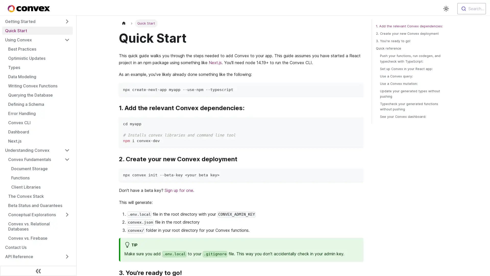  I want to click on Copy code to clipboard, so click(357, 123).